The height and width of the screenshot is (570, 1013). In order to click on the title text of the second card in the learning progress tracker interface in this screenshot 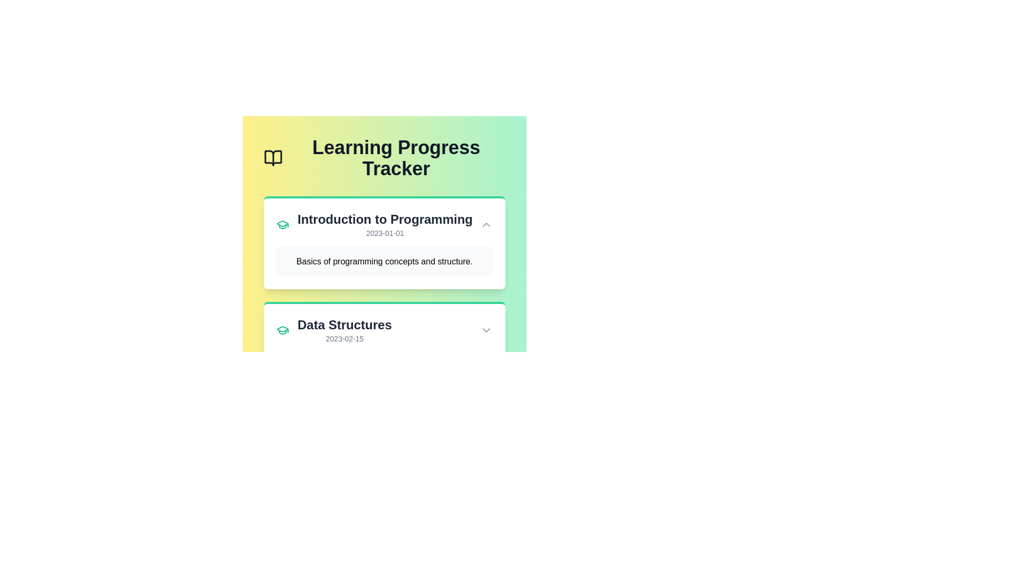, I will do `click(345, 325)`.